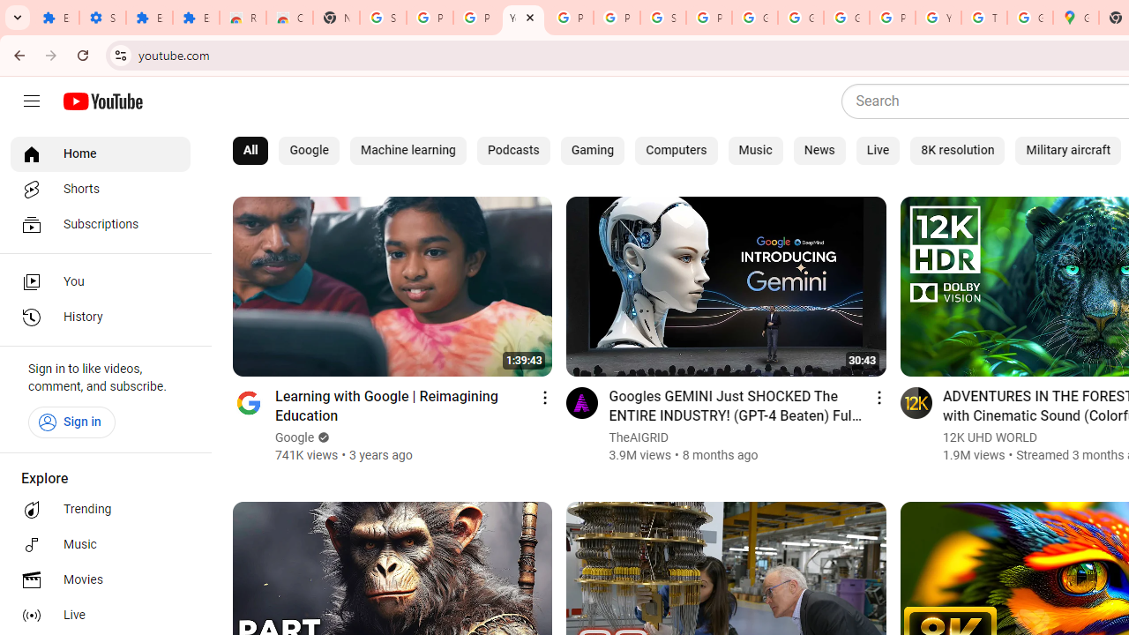 This screenshot has height=635, width=1129. I want to click on 'Action menu', so click(879, 397).